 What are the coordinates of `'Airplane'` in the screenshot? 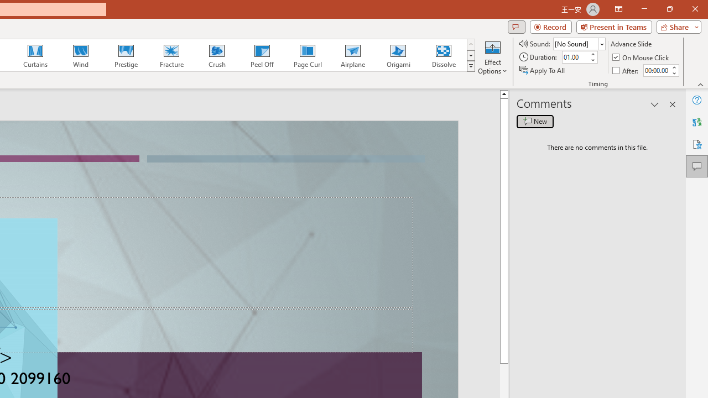 It's located at (352, 55).